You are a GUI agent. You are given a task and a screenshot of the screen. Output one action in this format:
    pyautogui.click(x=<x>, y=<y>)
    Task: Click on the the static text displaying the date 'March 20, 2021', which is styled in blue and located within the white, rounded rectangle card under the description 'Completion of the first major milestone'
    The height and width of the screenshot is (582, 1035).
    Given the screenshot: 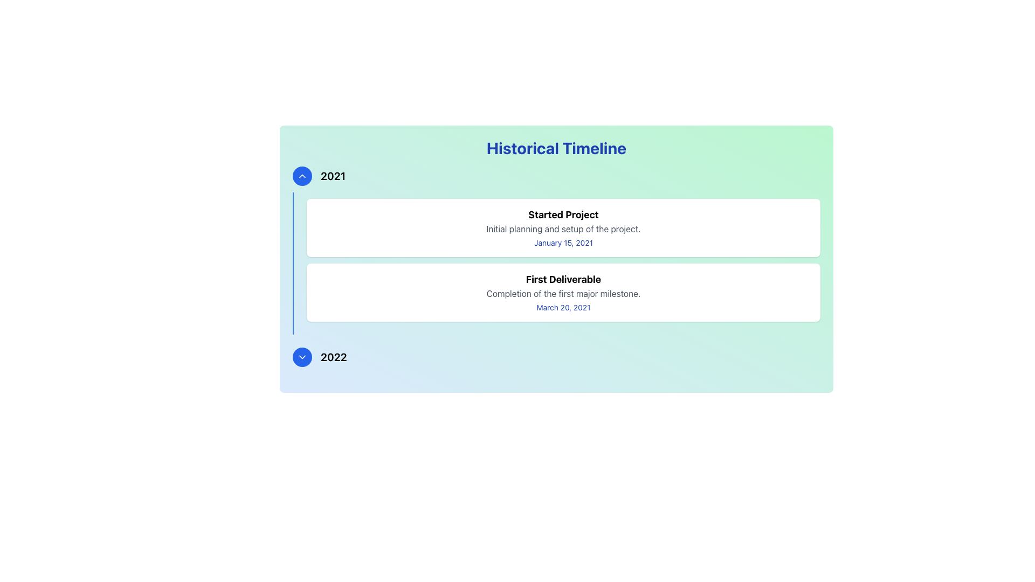 What is the action you would take?
    pyautogui.click(x=563, y=307)
    